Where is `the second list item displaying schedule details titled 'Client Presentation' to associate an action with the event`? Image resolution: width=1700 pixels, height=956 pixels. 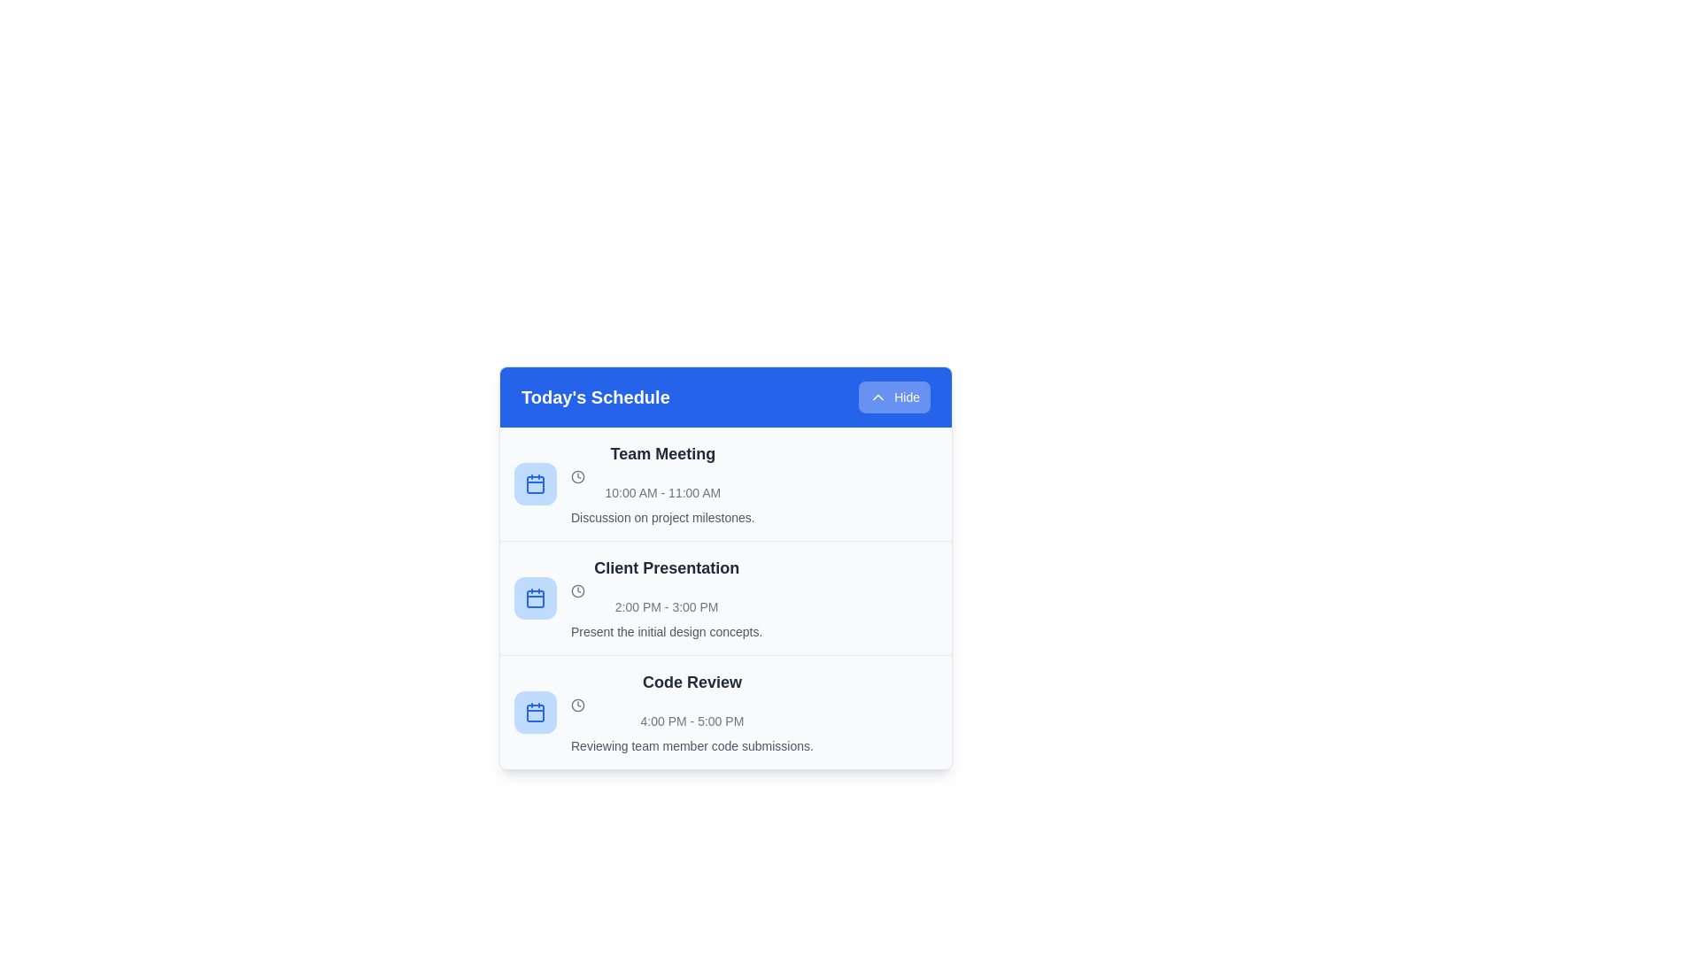
the second list item displaying schedule details titled 'Client Presentation' to associate an action with the event is located at coordinates (726, 597).